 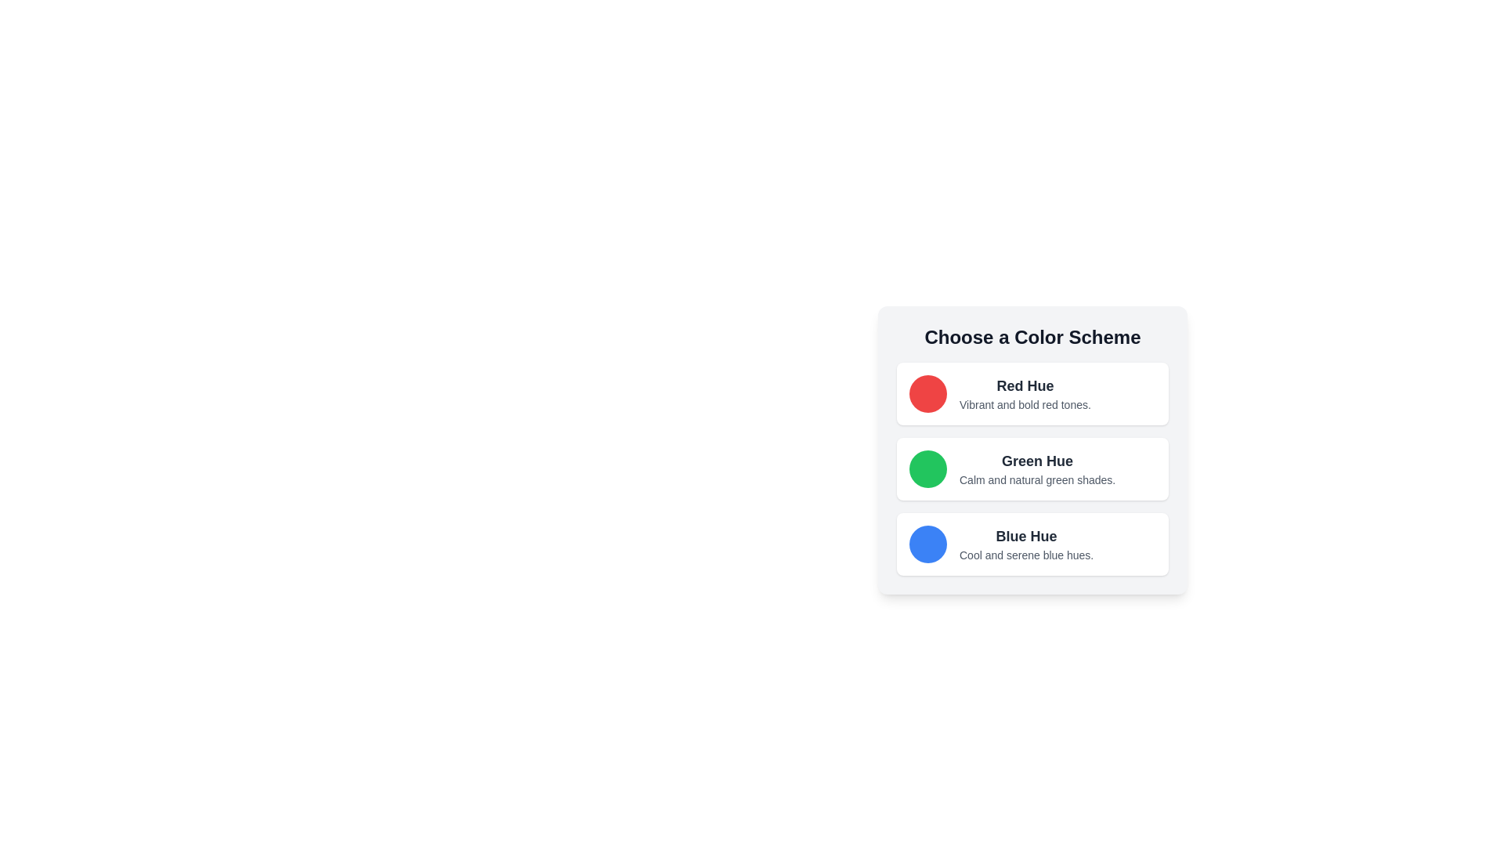 I want to click on the descriptive text block for the 'Blue Hue' color scheme option, which is the third option in the list, positioned under 'Green Hue' and to the right of a blue circular icon, so click(x=1026, y=543).